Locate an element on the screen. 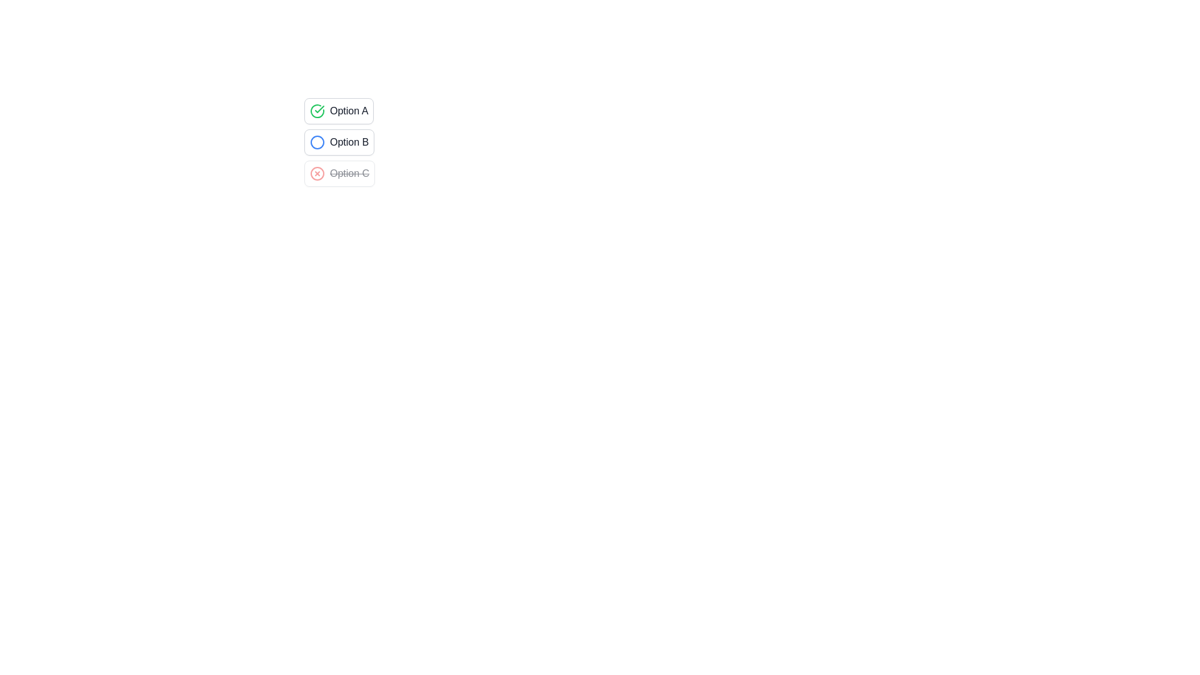 Image resolution: width=1200 pixels, height=675 pixels. the Disabled selectable option, which is the third item in a vertical list that includes 'Option A' and 'Option B' above it, indicating it is unselectable due to its disabled state is located at coordinates (339, 173).